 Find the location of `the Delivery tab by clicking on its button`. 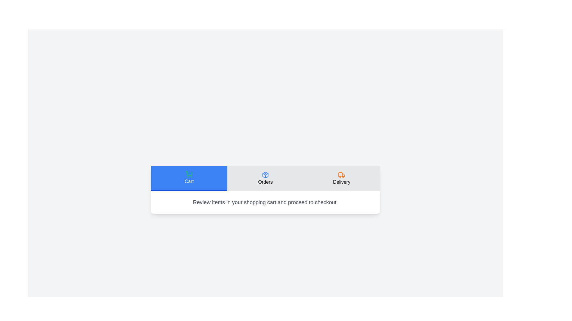

the Delivery tab by clicking on its button is located at coordinates (342, 178).